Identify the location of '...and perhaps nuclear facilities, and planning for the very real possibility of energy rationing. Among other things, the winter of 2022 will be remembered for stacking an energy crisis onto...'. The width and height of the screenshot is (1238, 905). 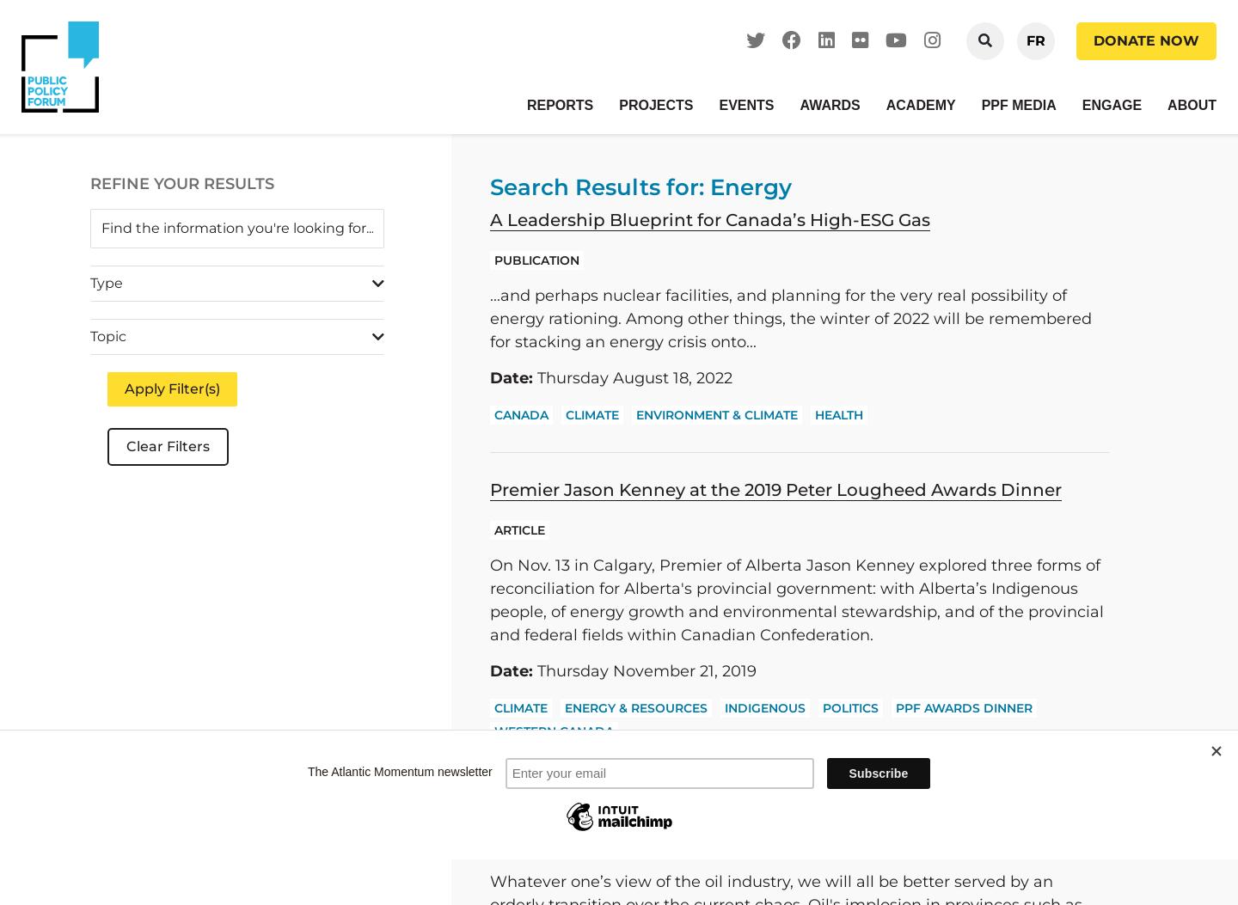
(791, 317).